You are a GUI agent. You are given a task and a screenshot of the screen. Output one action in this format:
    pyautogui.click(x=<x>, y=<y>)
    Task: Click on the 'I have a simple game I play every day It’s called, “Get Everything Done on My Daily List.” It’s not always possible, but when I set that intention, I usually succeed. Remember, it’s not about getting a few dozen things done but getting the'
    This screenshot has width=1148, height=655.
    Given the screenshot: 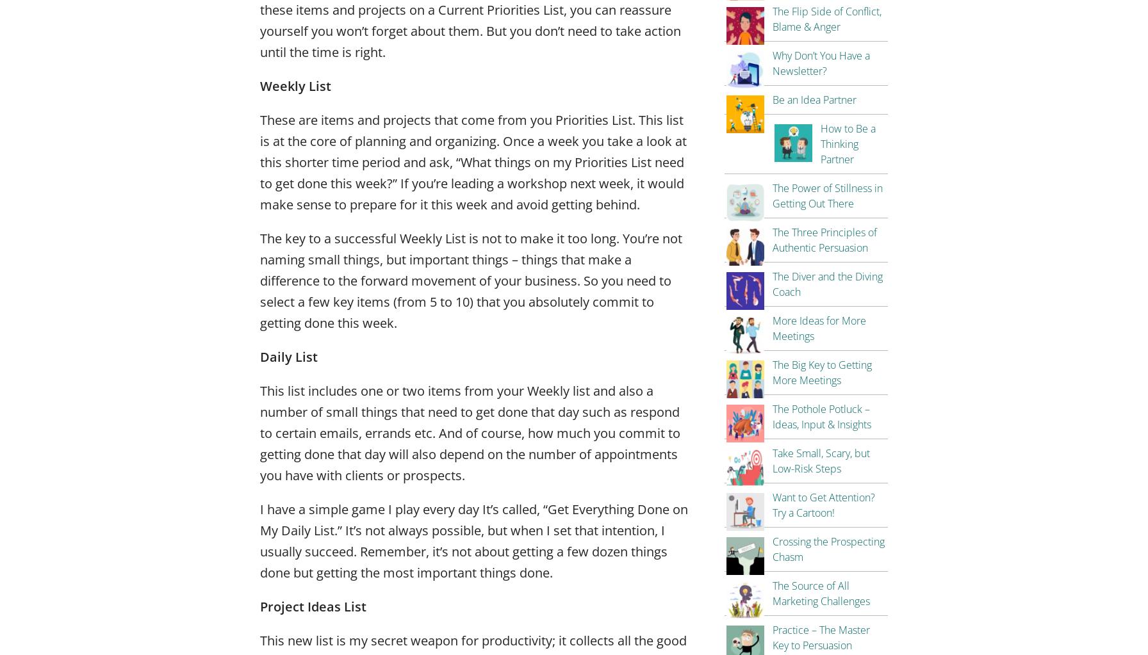 What is the action you would take?
    pyautogui.click(x=260, y=539)
    